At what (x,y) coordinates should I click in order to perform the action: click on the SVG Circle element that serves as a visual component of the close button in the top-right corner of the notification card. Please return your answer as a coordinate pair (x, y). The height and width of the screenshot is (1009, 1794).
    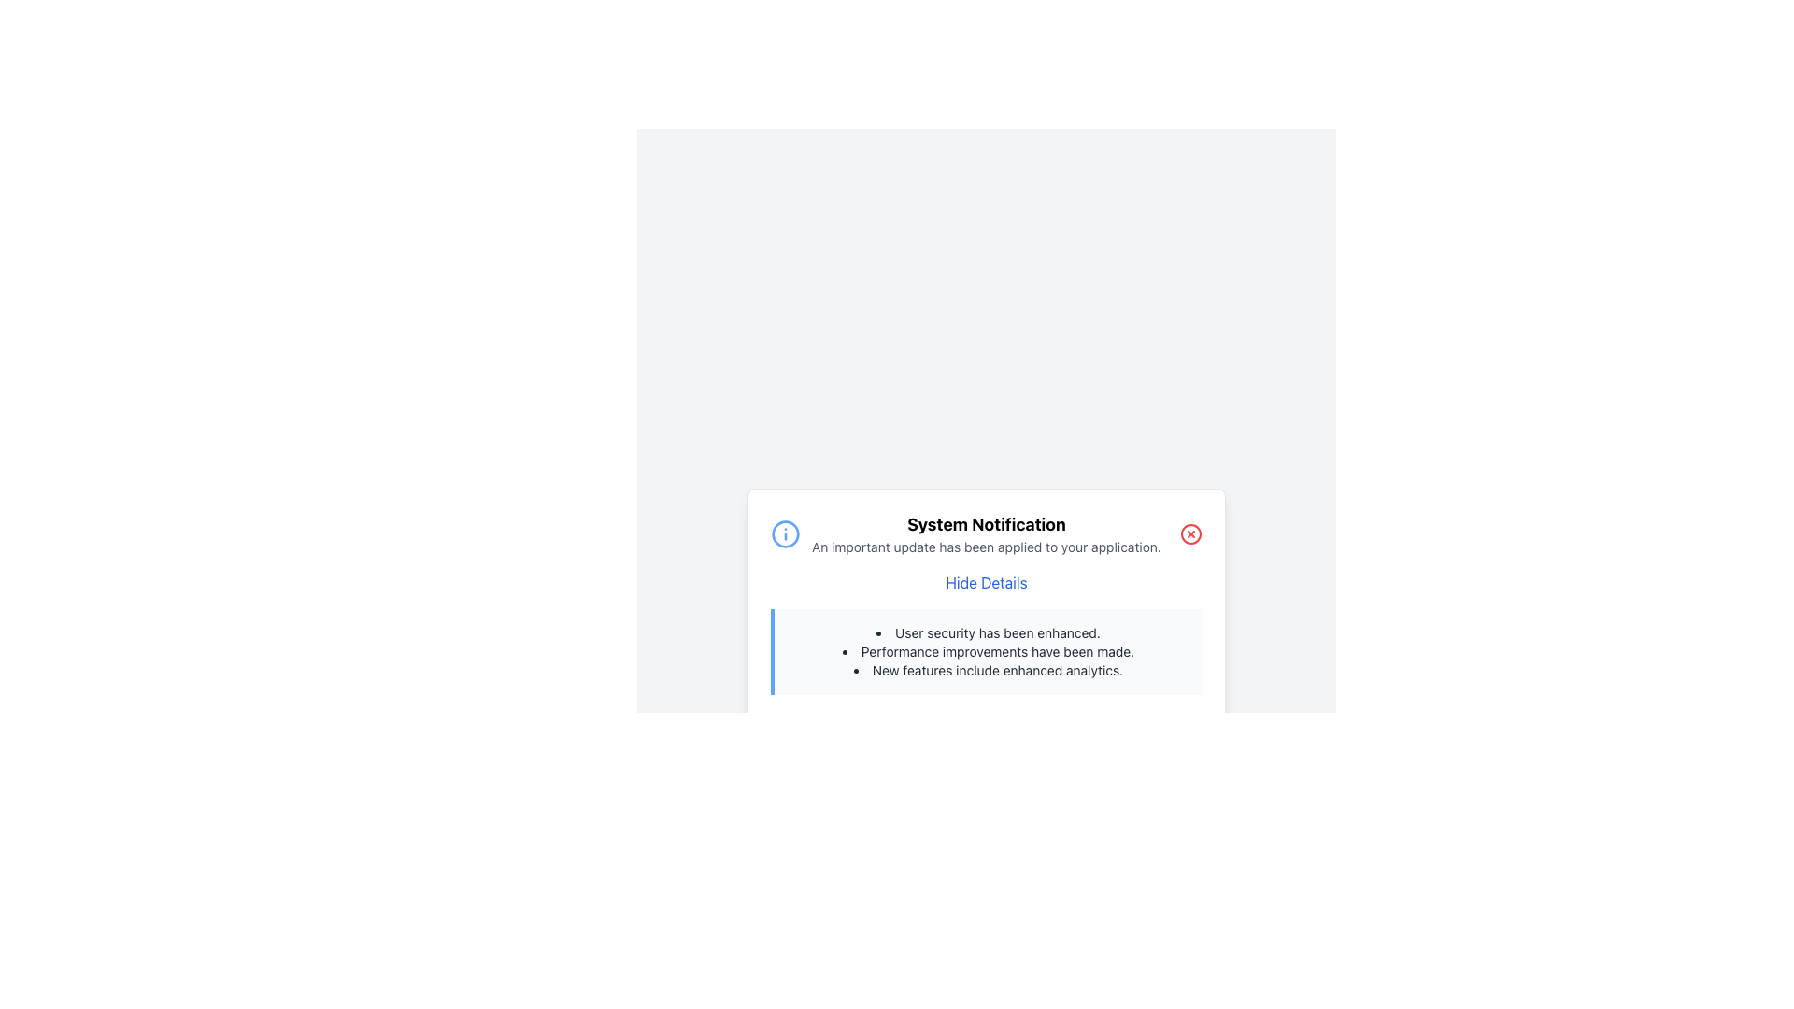
    Looking at the image, I should click on (1190, 533).